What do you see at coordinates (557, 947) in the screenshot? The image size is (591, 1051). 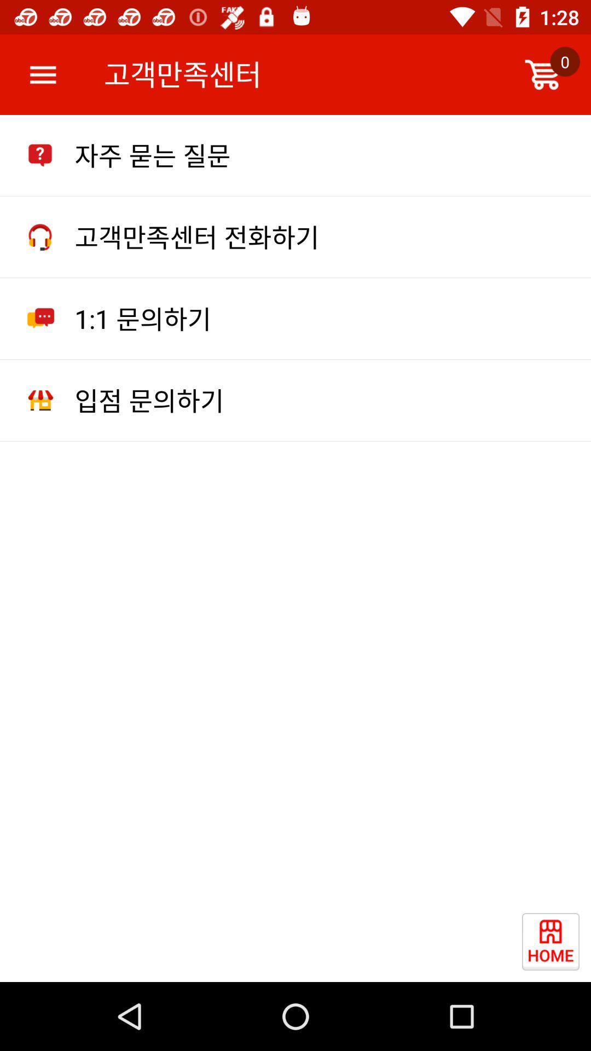 I see `item at the bottom right corner` at bounding box center [557, 947].